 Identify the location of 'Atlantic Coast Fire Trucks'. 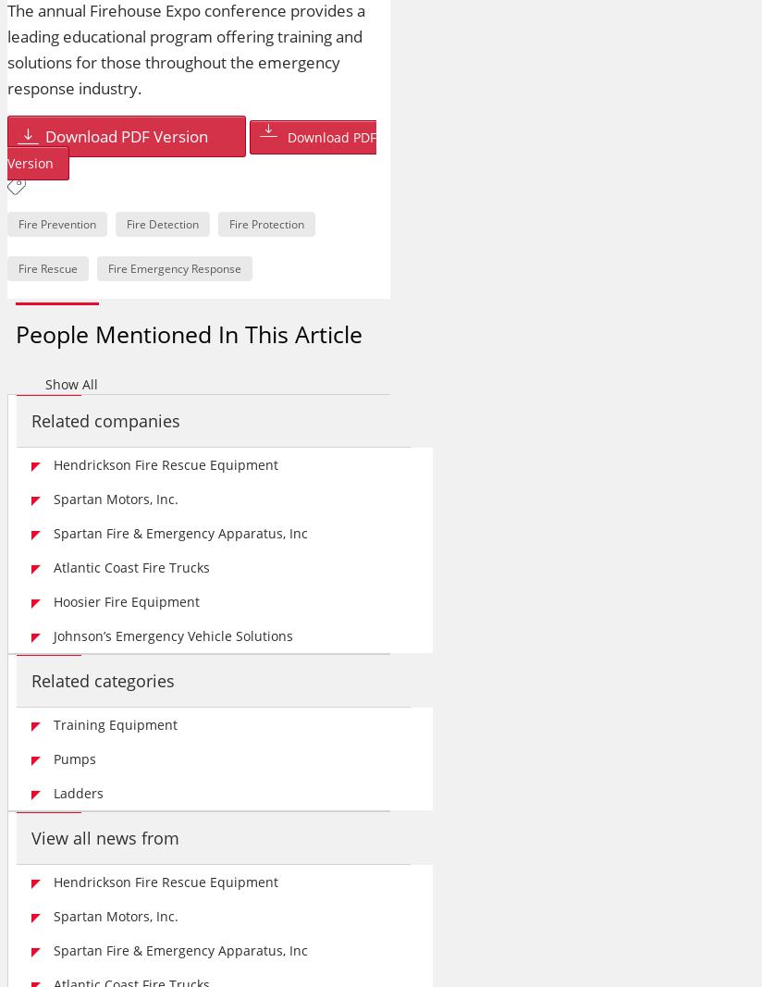
(54, 567).